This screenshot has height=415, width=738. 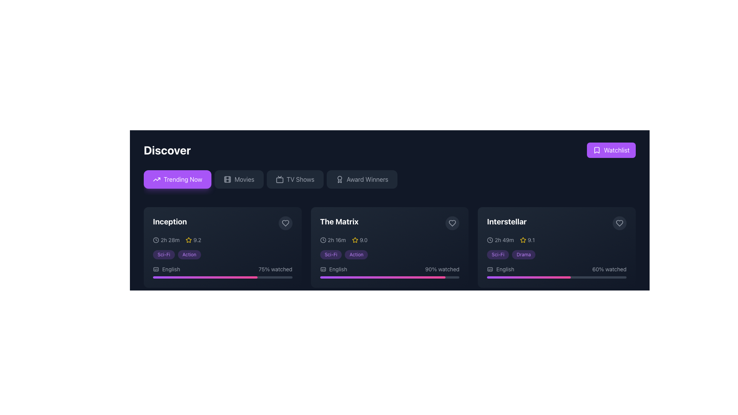 I want to click on the circular button with a heart icon located at the top-right corner of the 'Interstellar' movie card, so click(x=620, y=223).